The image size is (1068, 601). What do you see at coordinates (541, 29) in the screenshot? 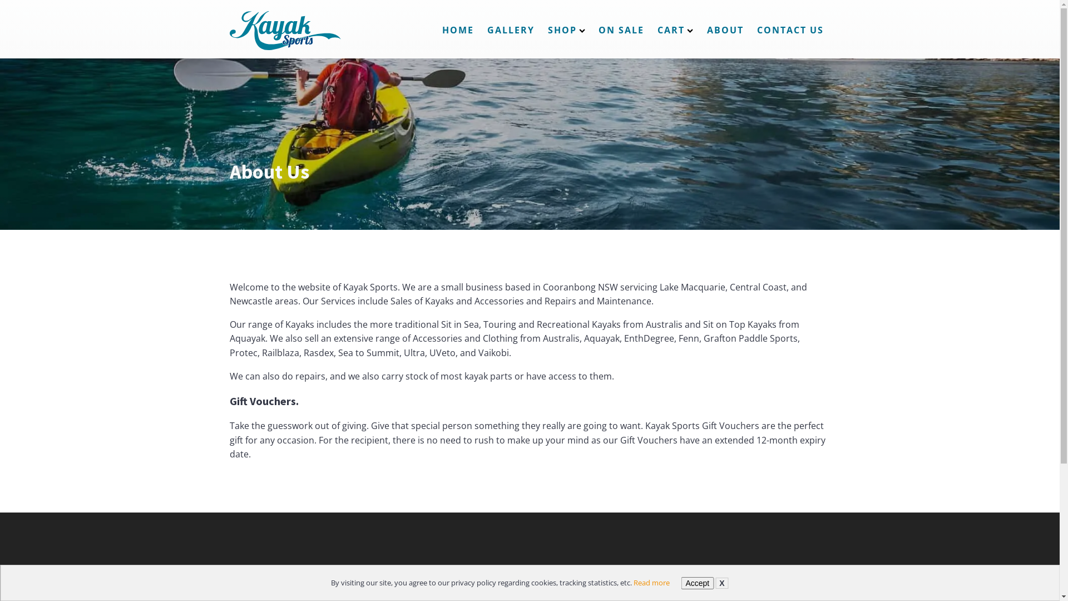
I see `'SHOP'` at bounding box center [541, 29].